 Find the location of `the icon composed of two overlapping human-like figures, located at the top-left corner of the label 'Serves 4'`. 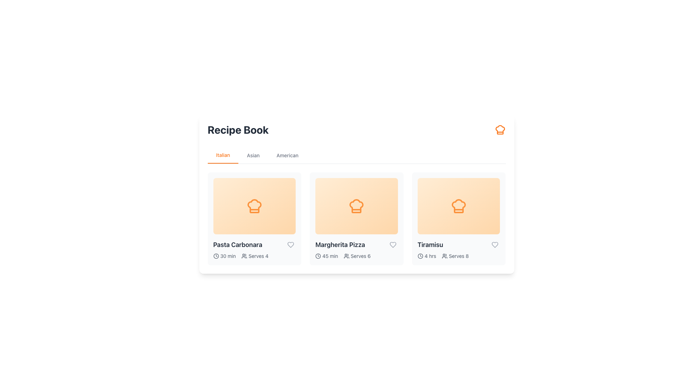

the icon composed of two overlapping human-like figures, located at the top-left corner of the label 'Serves 4' is located at coordinates (244, 256).